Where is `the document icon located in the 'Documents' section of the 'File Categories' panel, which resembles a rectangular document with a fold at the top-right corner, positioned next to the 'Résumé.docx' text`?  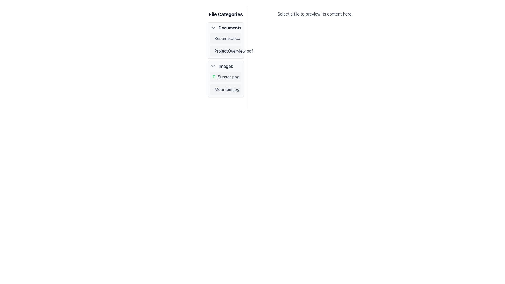 the document icon located in the 'Documents' section of the 'File Categories' panel, which resembles a rectangular document with a fold at the top-right corner, positioned next to the 'Résumé.docx' text is located at coordinates (215, 38).